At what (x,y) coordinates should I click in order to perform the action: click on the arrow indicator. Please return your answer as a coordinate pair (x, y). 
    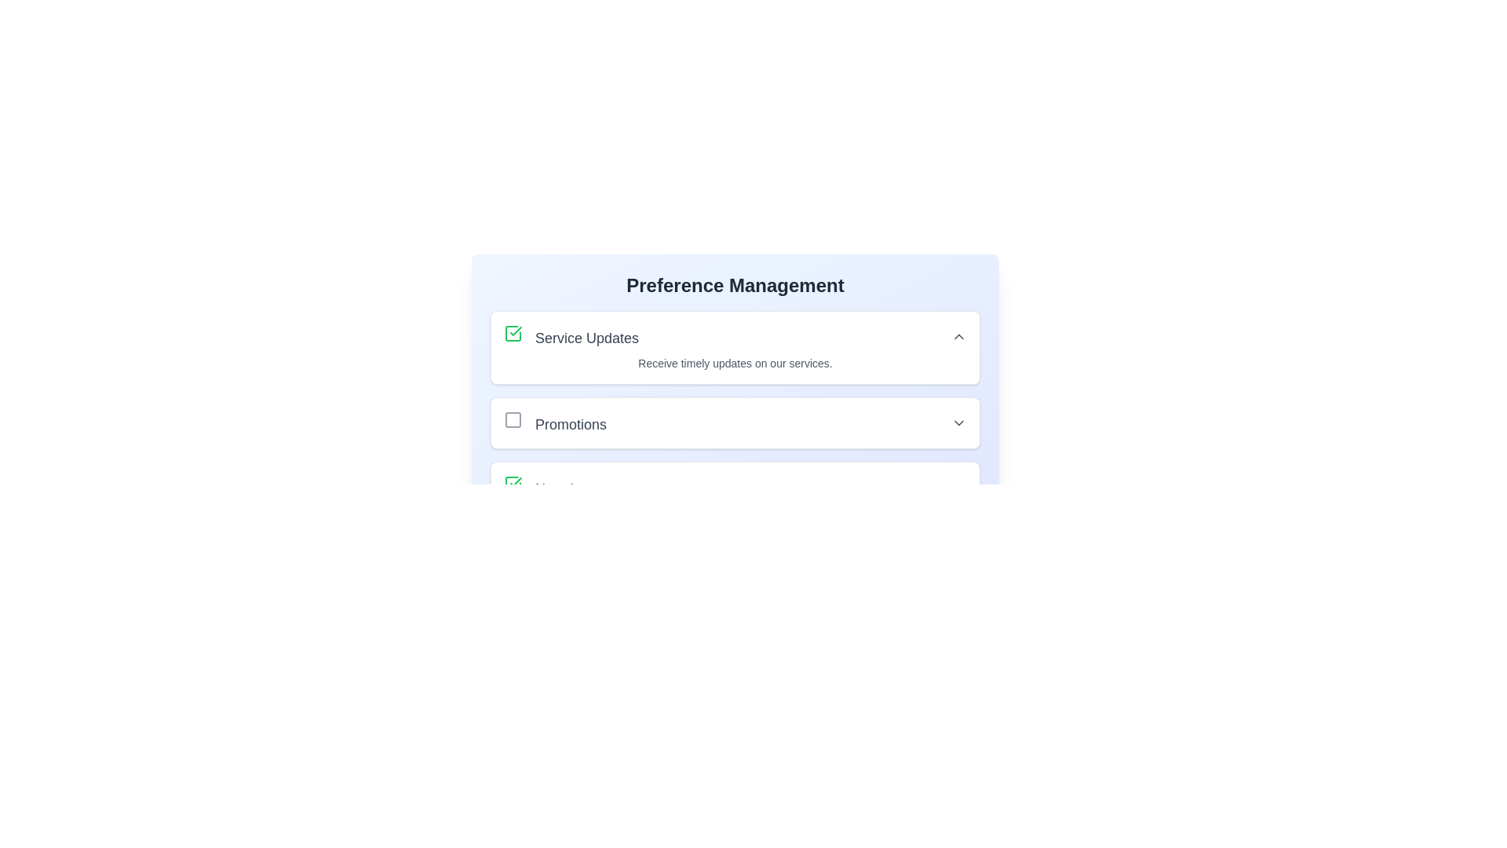
    Looking at the image, I should click on (734, 411).